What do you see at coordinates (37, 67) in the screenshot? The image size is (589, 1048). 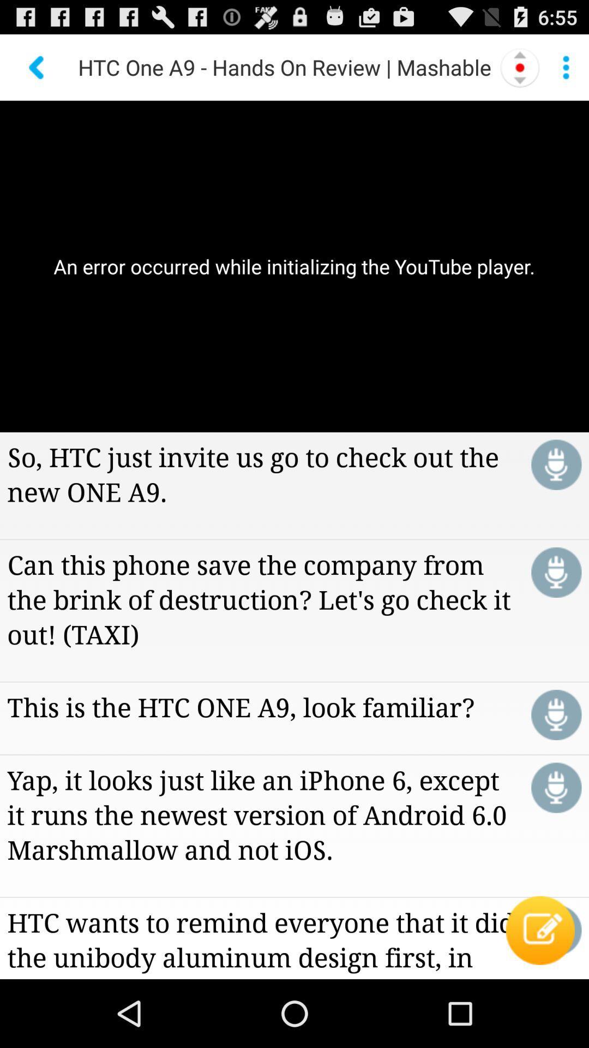 I see `the icon at the top left corner` at bounding box center [37, 67].